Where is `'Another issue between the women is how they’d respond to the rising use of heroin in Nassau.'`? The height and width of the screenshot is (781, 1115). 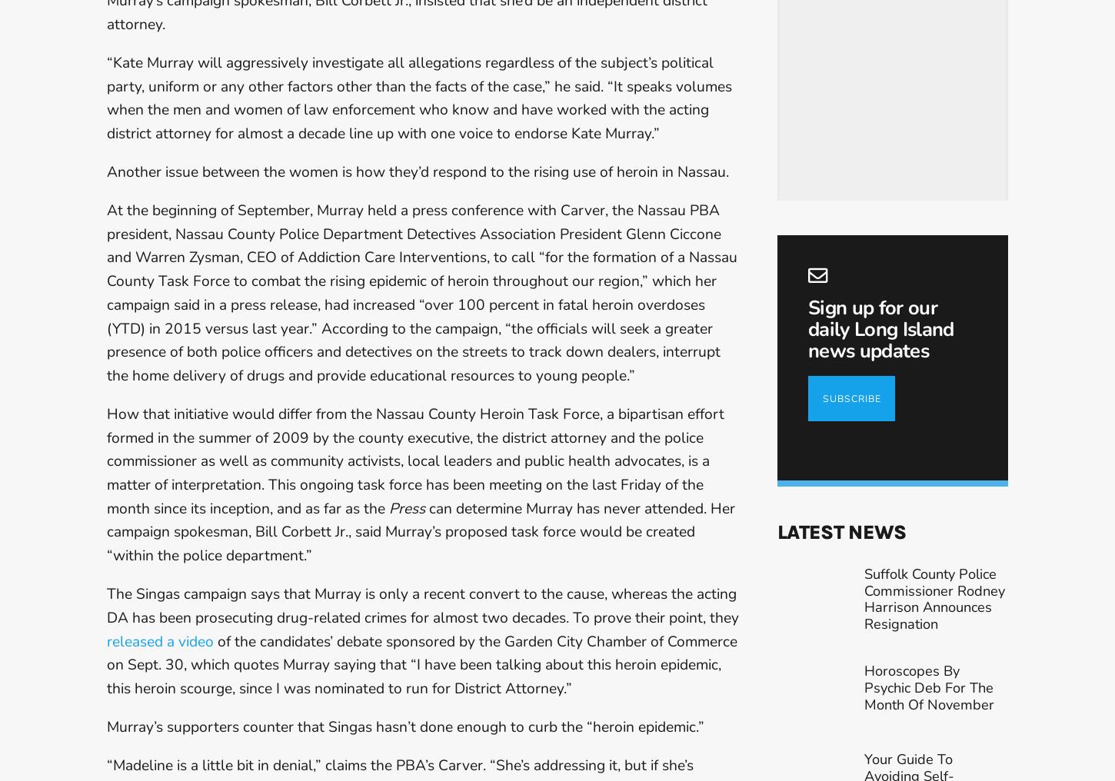 'Another issue between the women is how they’d respond to the rising use of heroin in Nassau.' is located at coordinates (418, 172).